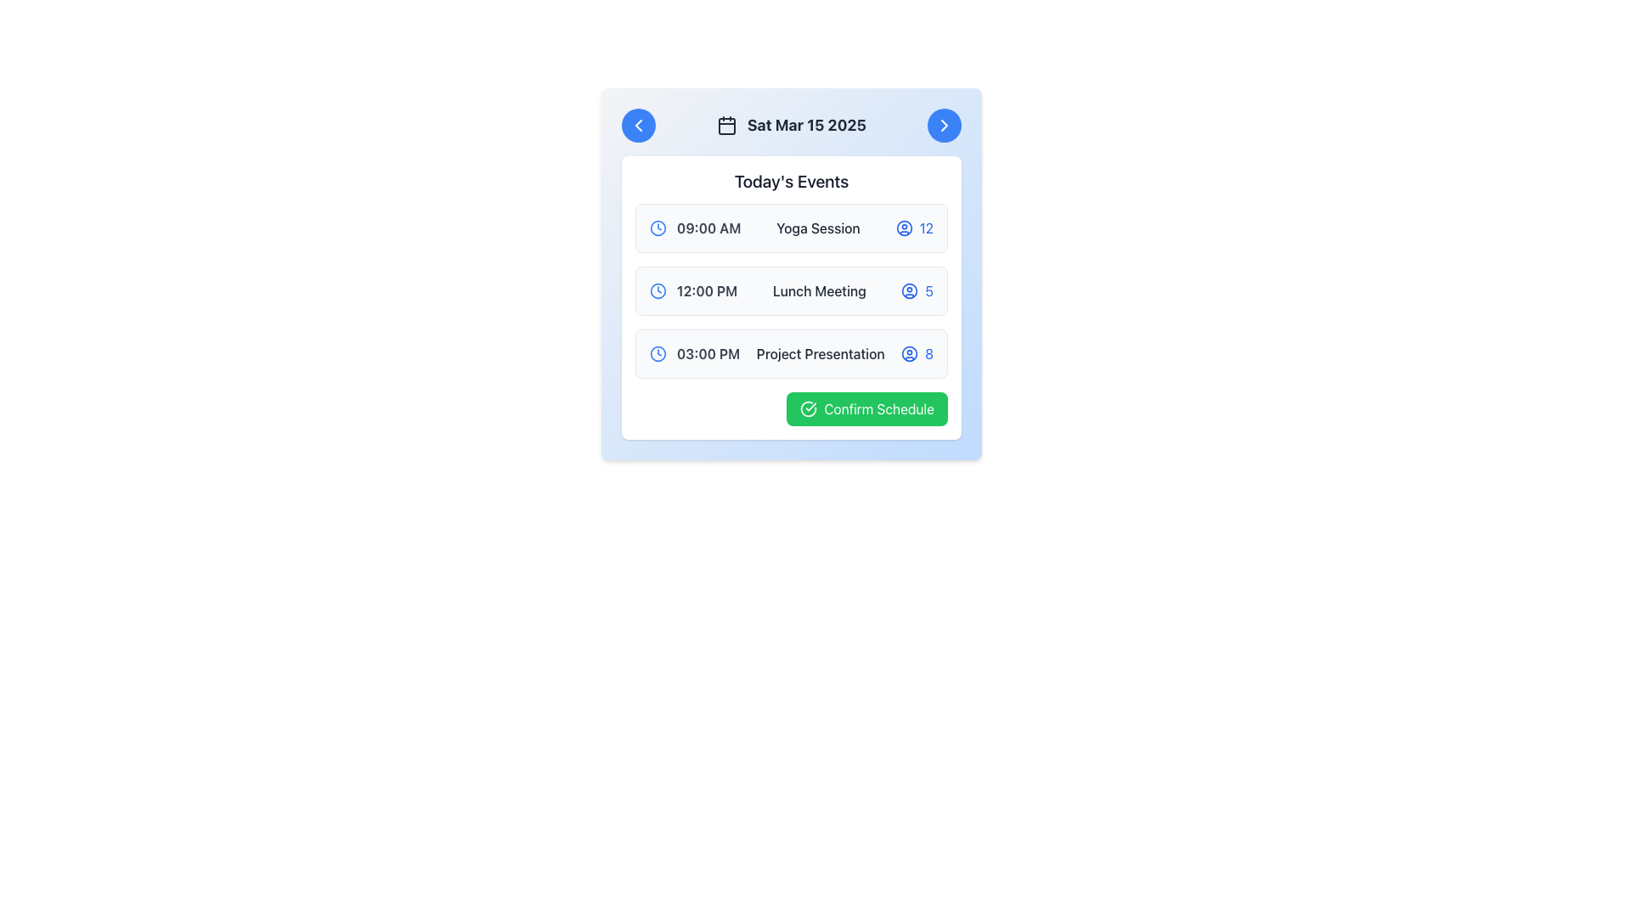 Image resolution: width=1631 pixels, height=917 pixels. I want to click on the Icon element indicating the participant count for the '09:00 AM Yoga Session', which shows '12' participants, so click(903, 228).